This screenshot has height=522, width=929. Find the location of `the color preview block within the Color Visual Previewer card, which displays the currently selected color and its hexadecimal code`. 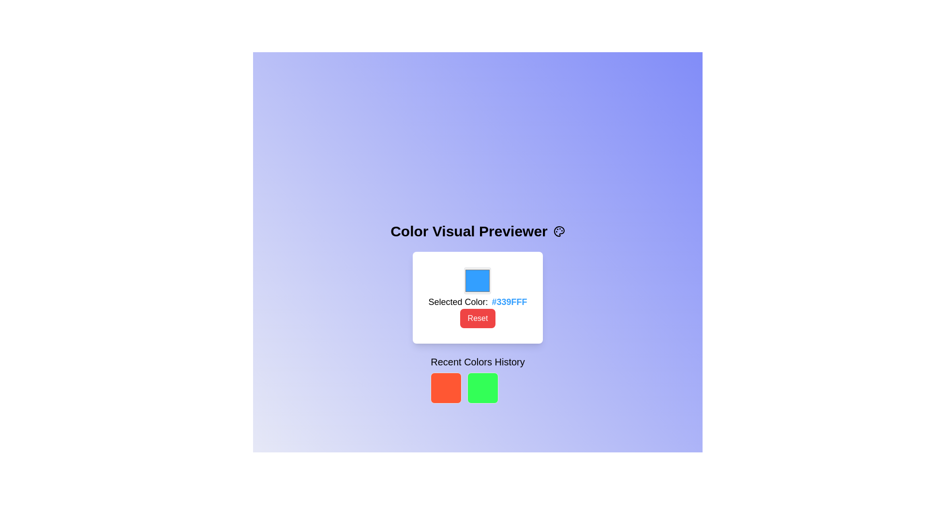

the color preview block within the Color Visual Previewer card, which displays the currently selected color and its hexadecimal code is located at coordinates (478, 297).